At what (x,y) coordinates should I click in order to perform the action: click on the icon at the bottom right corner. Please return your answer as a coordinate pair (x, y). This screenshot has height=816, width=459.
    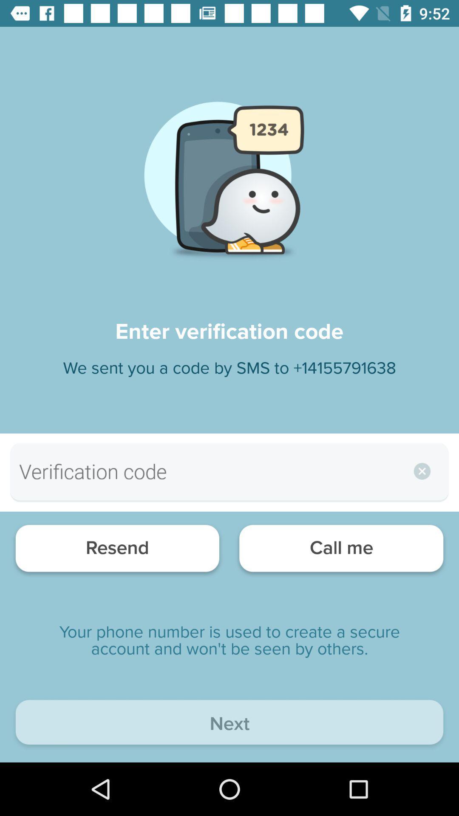
    Looking at the image, I should click on (341, 550).